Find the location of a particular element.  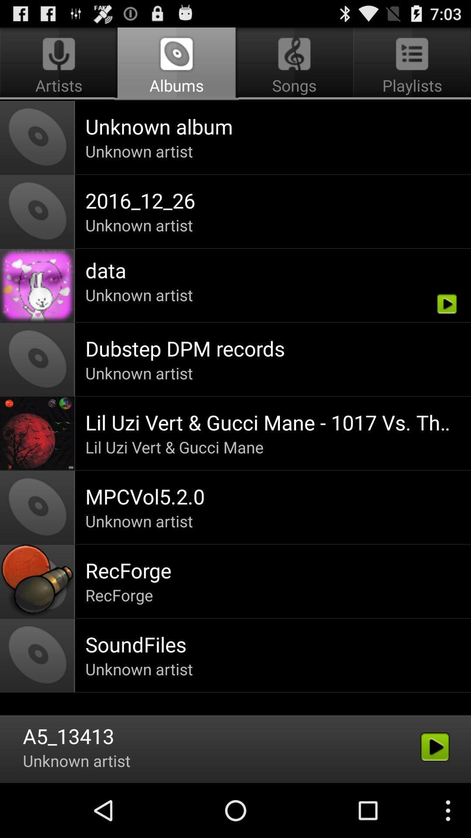

the icon next to the artists is located at coordinates (294, 64).